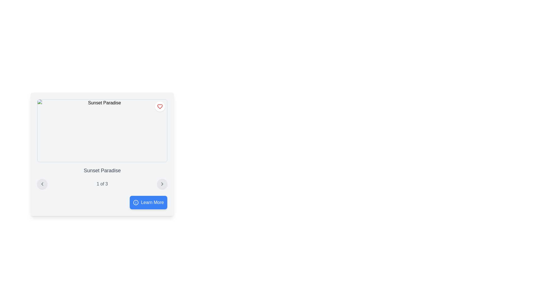  Describe the element at coordinates (102, 184) in the screenshot. I see `text from the Text Label that indicates the current position within a sequence, which is centrally positioned in the interface card, flanked by chevron icons` at that location.